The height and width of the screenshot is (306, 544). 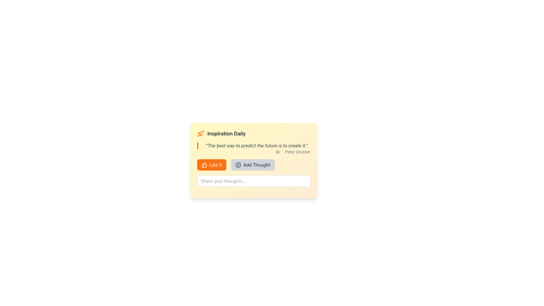 I want to click on the icon located on the left side of the 'Add Thought' button, so click(x=238, y=165).